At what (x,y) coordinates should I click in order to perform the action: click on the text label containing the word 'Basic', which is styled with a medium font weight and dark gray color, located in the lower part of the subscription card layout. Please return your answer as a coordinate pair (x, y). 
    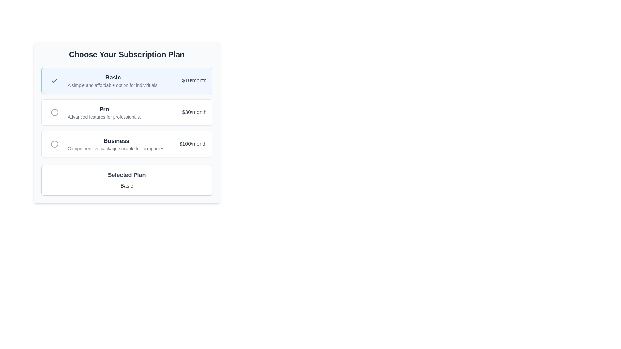
    Looking at the image, I should click on (127, 186).